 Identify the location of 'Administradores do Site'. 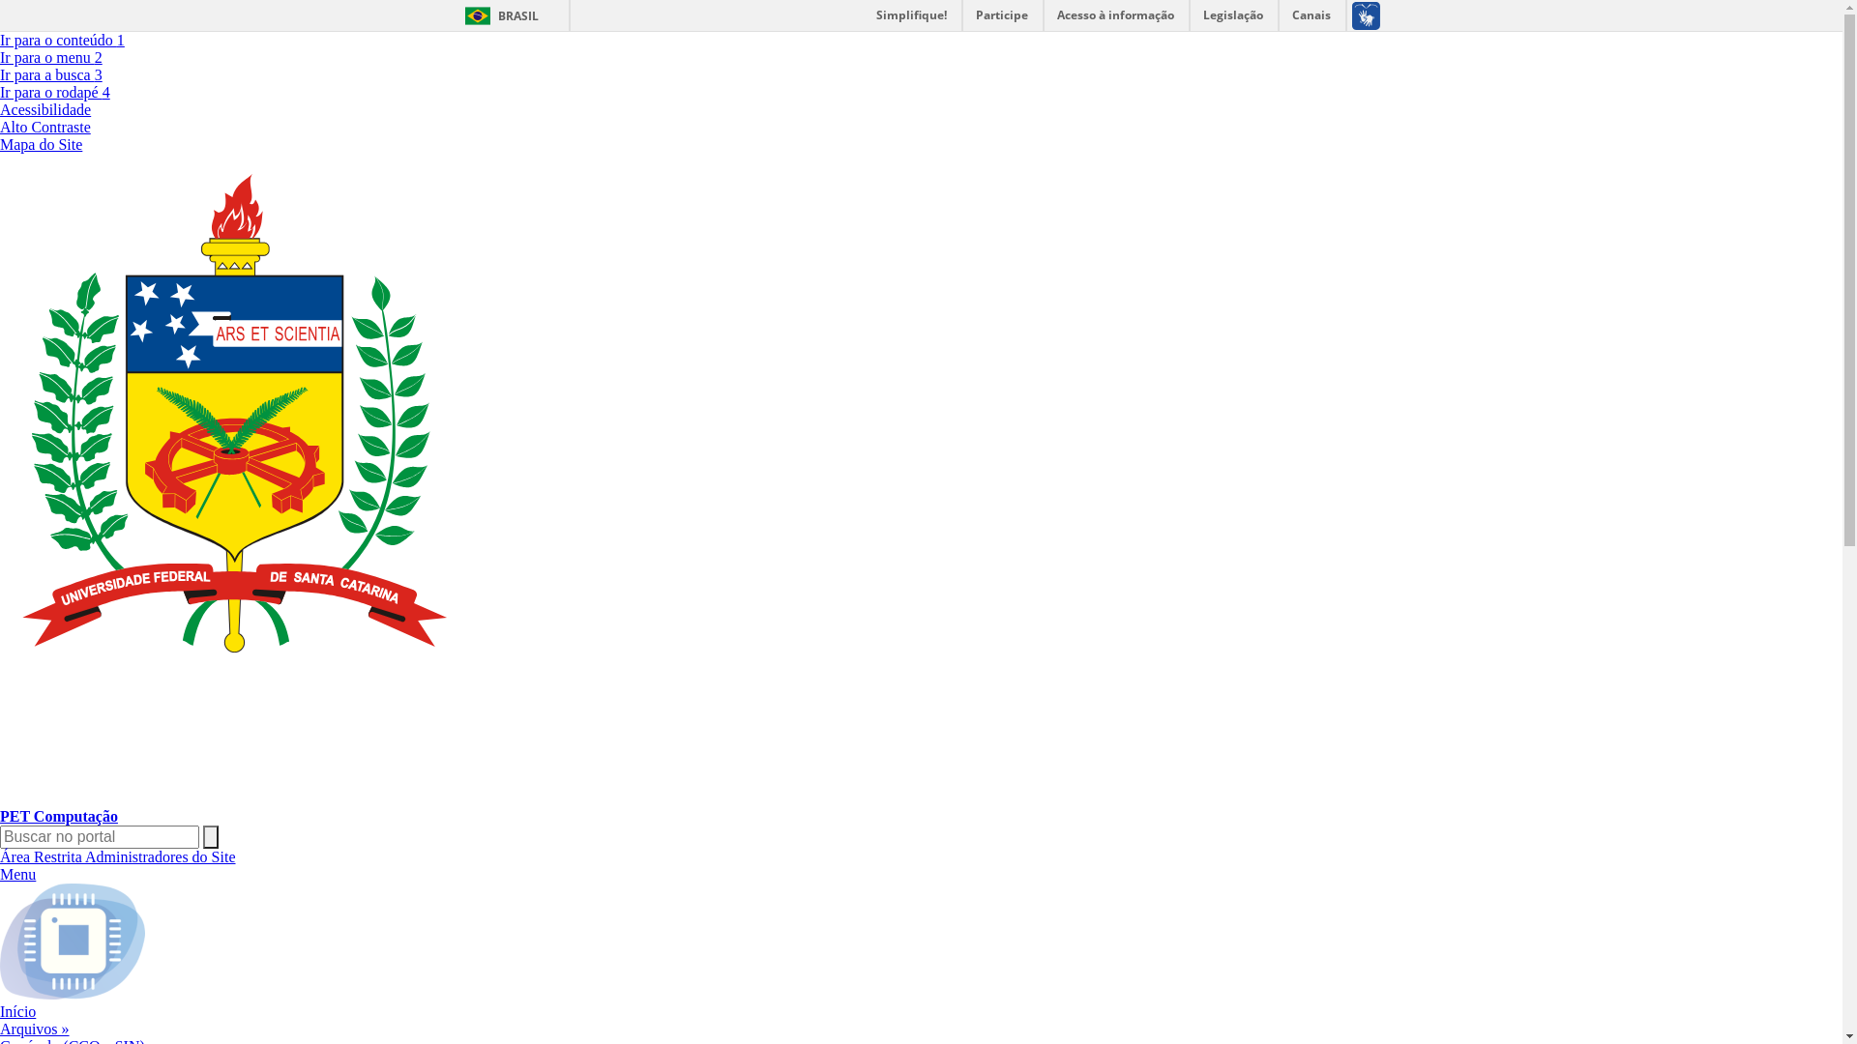
(161, 855).